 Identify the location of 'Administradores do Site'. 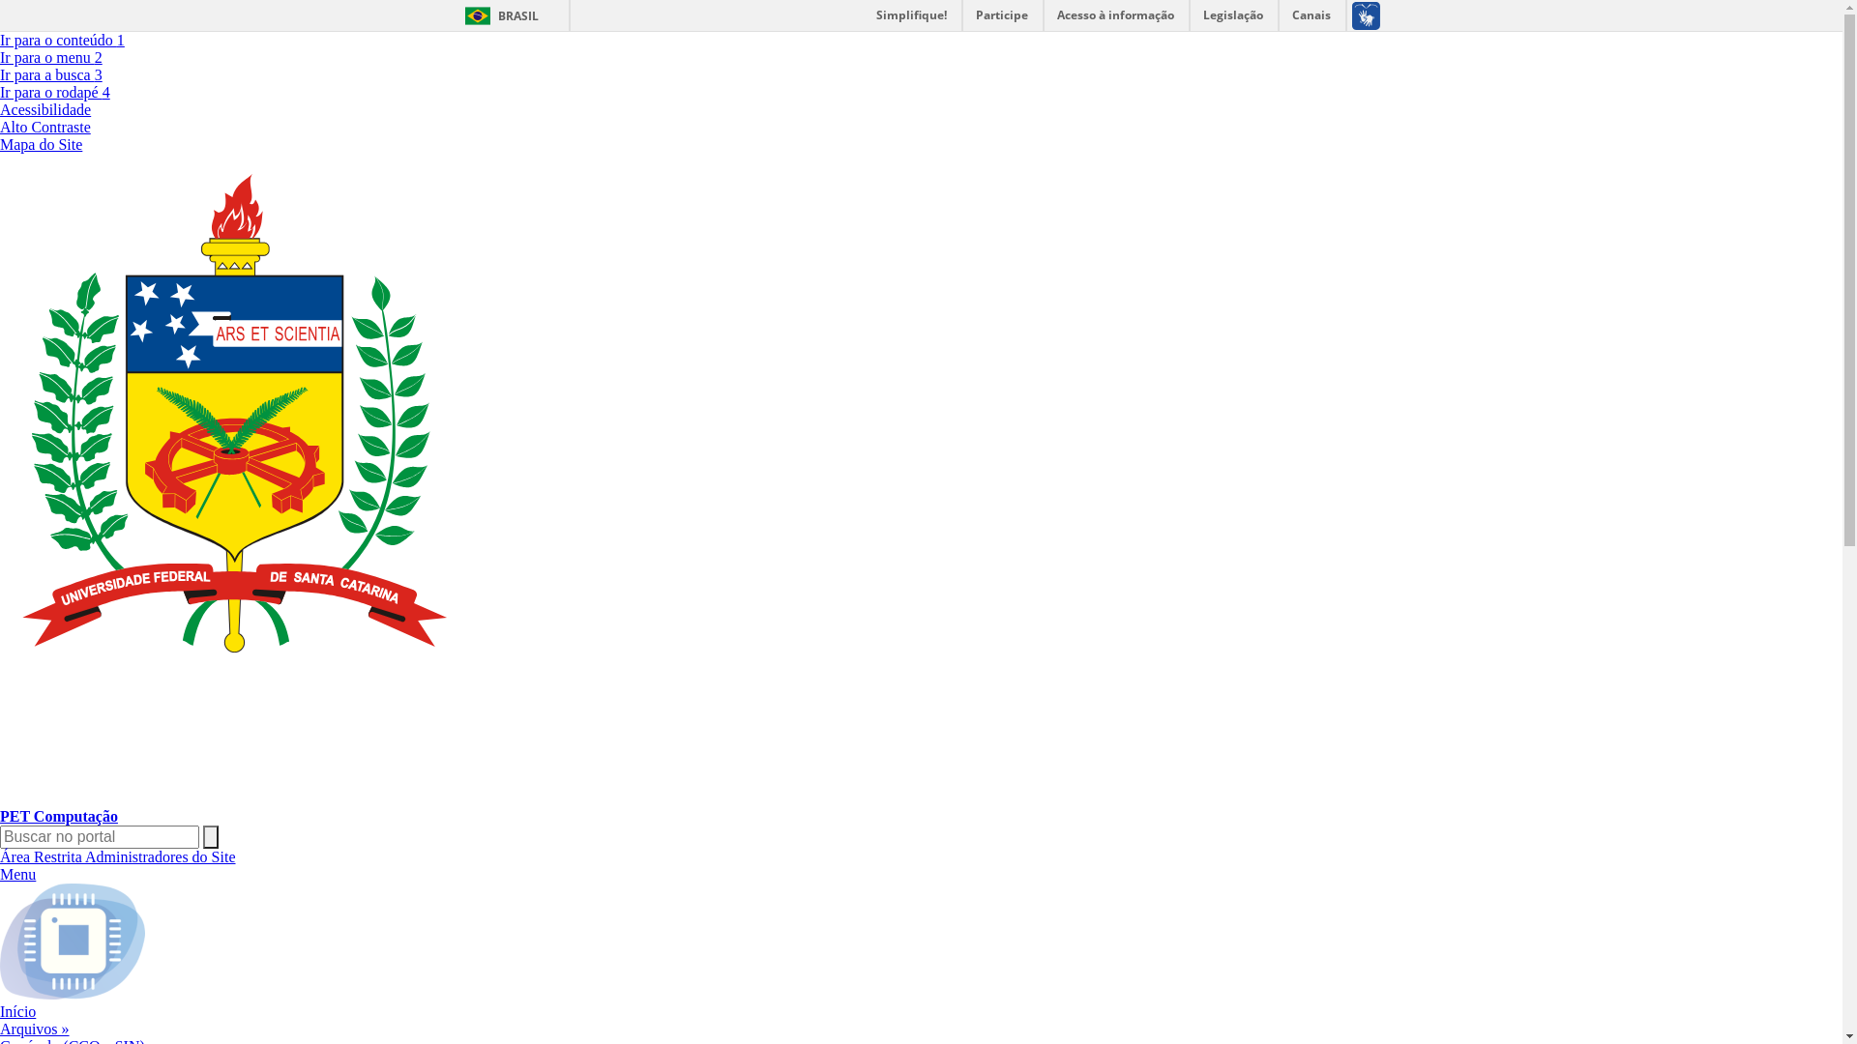
(161, 855).